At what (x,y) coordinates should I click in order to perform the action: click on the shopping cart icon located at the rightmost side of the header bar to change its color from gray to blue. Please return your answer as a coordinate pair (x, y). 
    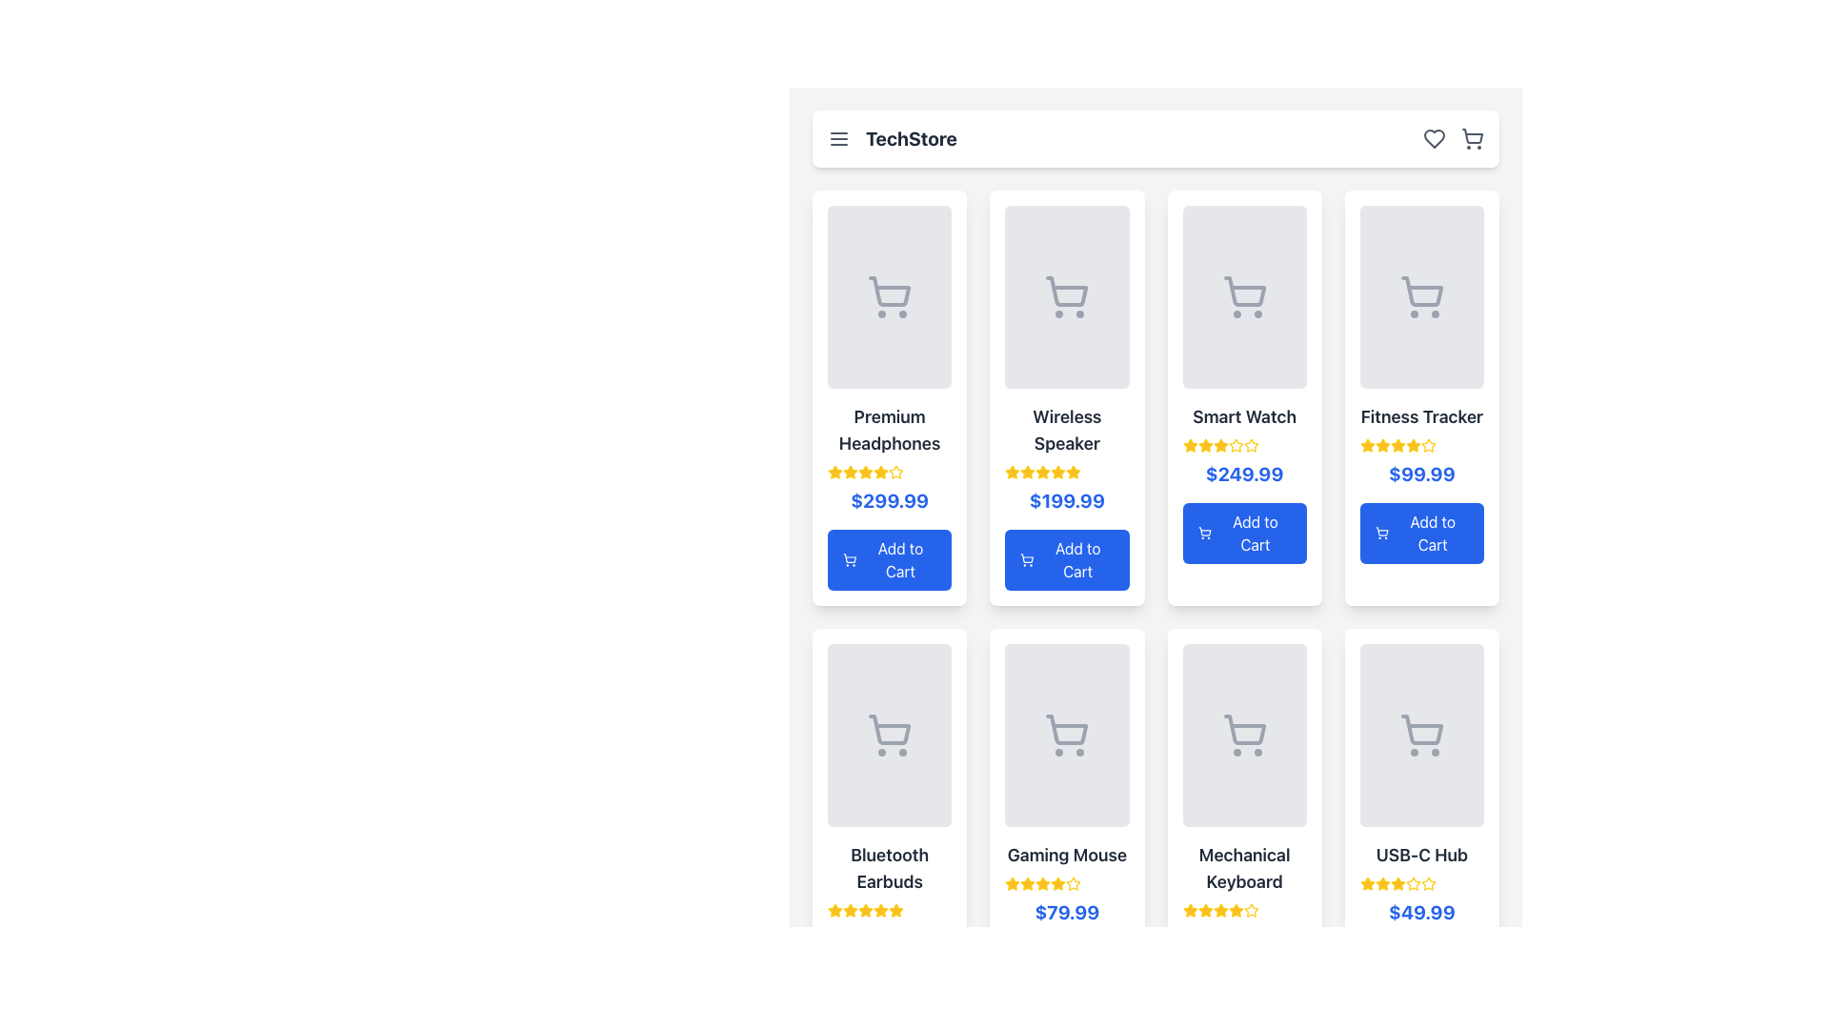
    Looking at the image, I should click on (1471, 138).